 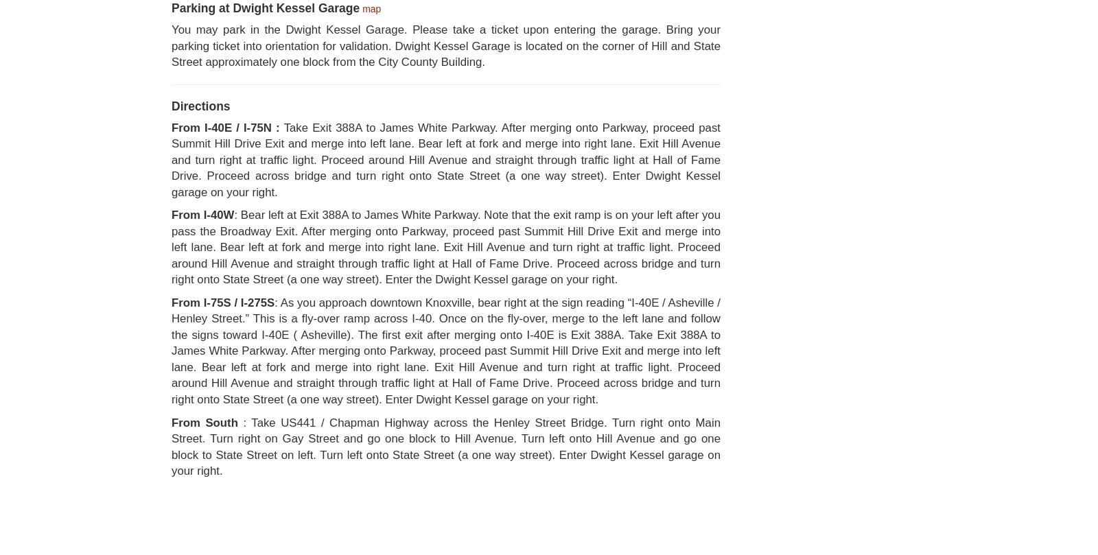 I want to click on 'Directions', so click(x=200, y=105).